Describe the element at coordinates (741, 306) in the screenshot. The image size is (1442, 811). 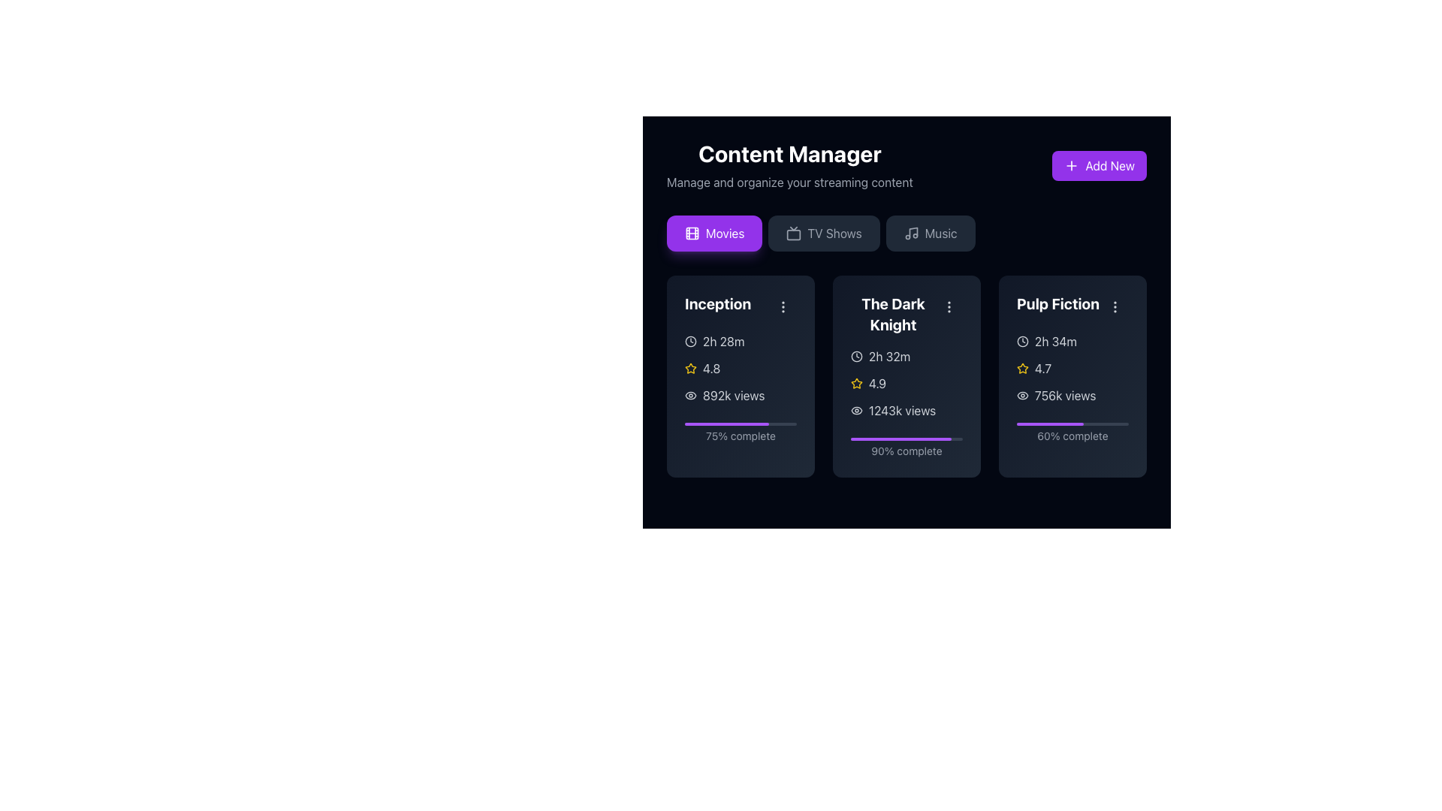
I see `the text label displaying 'Inception', which is prominently featured in a bold, large font at the top of the 'Movies' card layout` at that location.